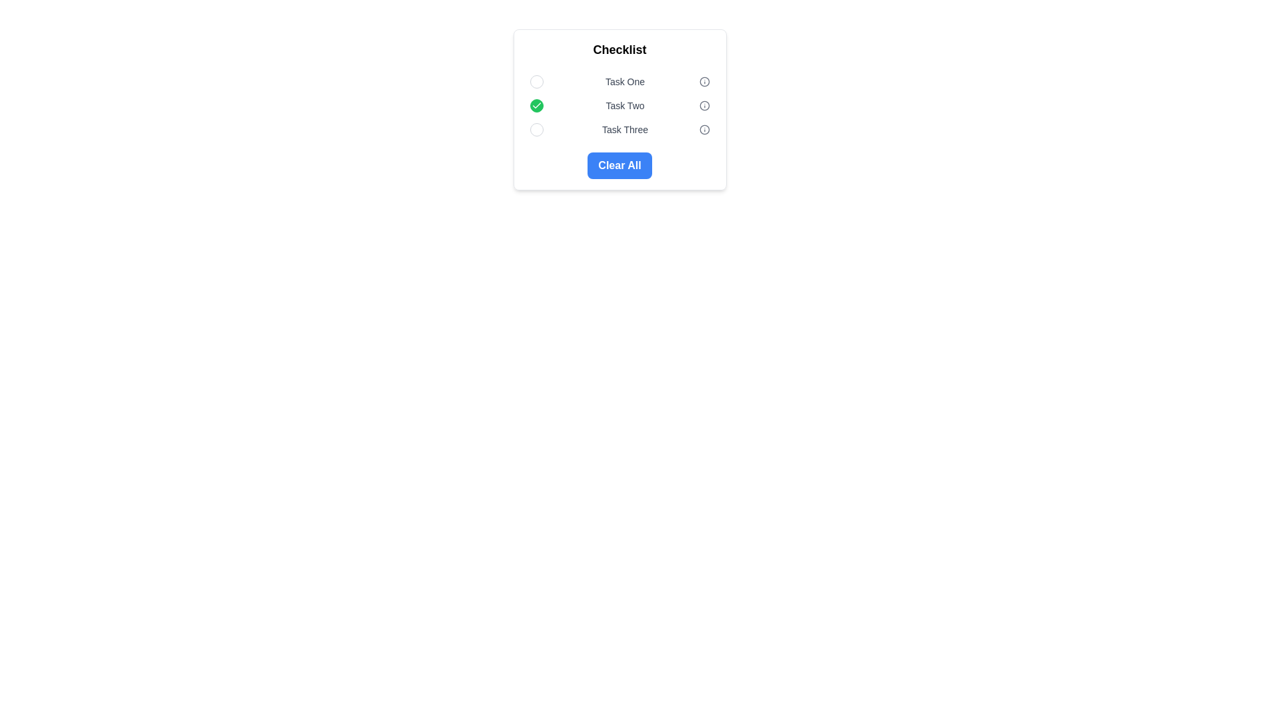 The height and width of the screenshot is (719, 1279). Describe the element at coordinates (624, 105) in the screenshot. I see `the descriptive label for the second item in the checklist, which is located to the right of a green circular checkmark and above the text labeled 'Task Three'` at that location.